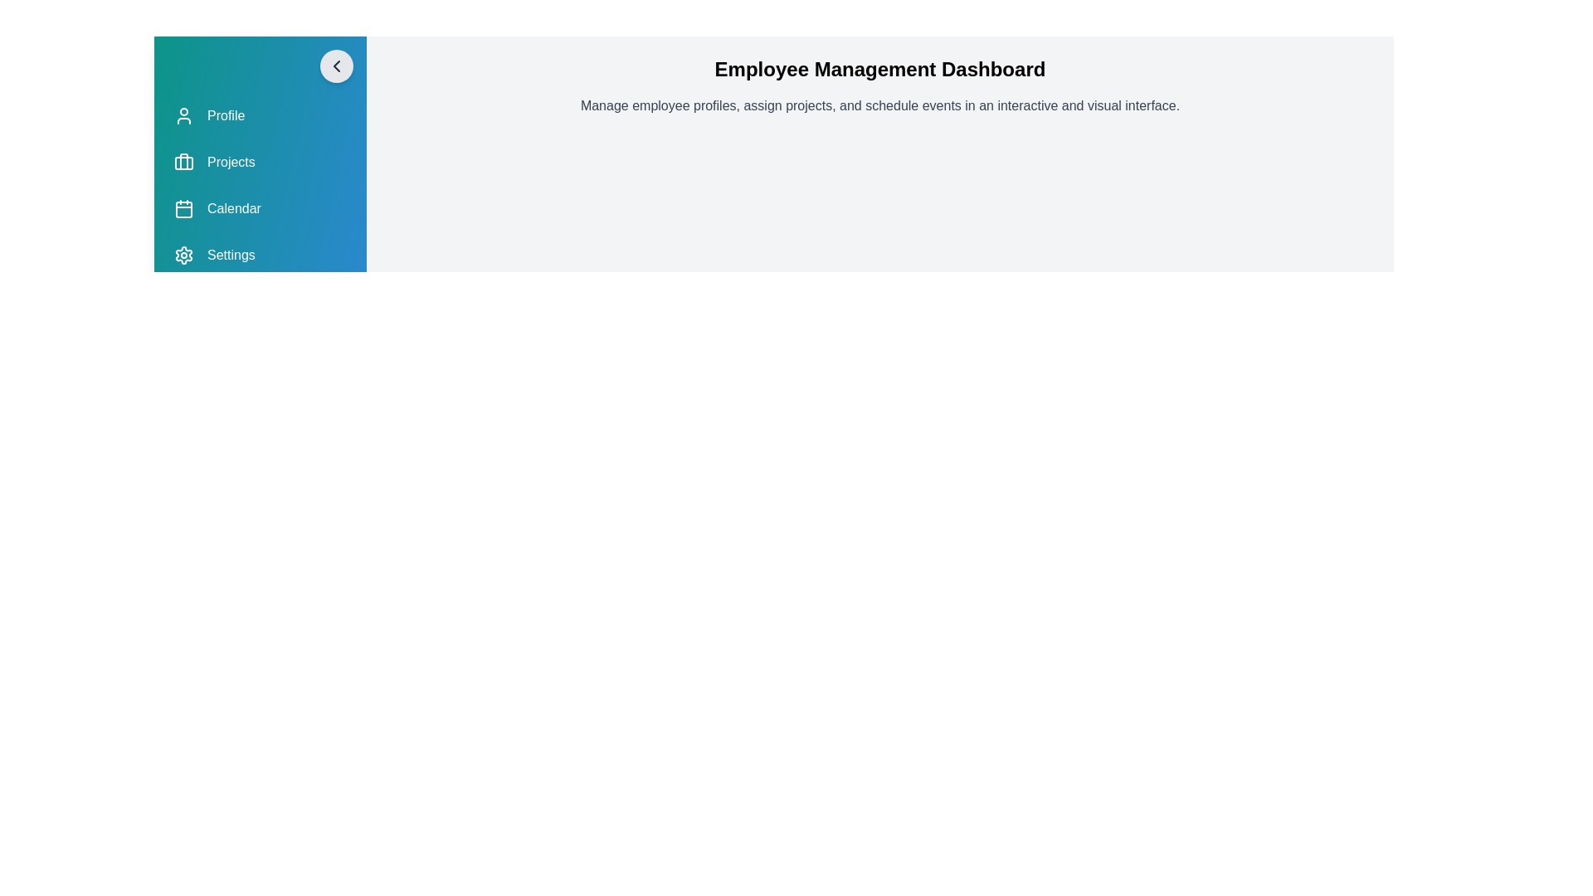 The height and width of the screenshot is (896, 1593). What do you see at coordinates (183, 207) in the screenshot?
I see `the Calendar icon in the navigation drawer` at bounding box center [183, 207].